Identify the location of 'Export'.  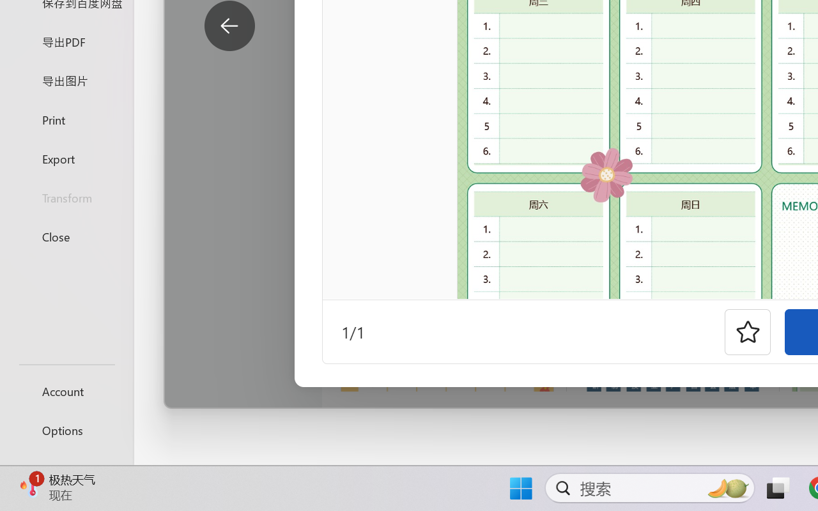
(66, 158).